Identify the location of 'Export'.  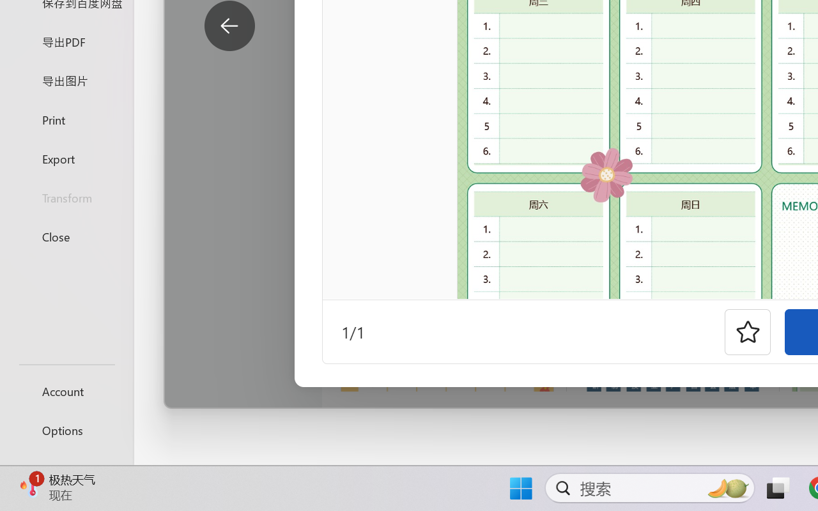
(66, 158).